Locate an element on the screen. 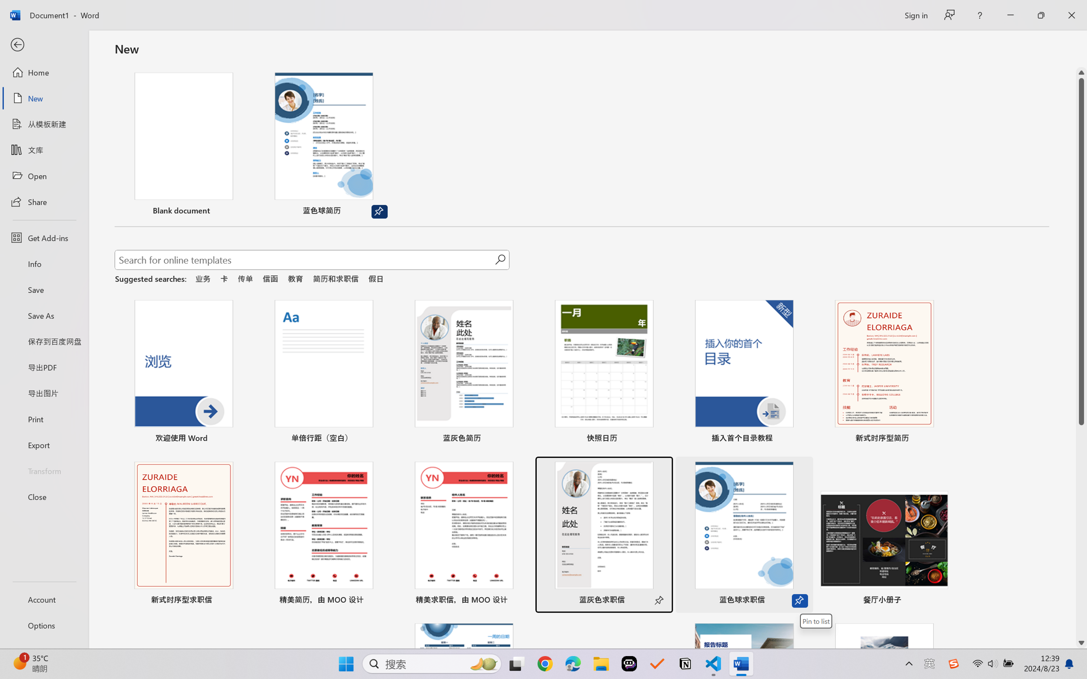 This screenshot has width=1087, height=679. 'Start searching' is located at coordinates (499, 260).